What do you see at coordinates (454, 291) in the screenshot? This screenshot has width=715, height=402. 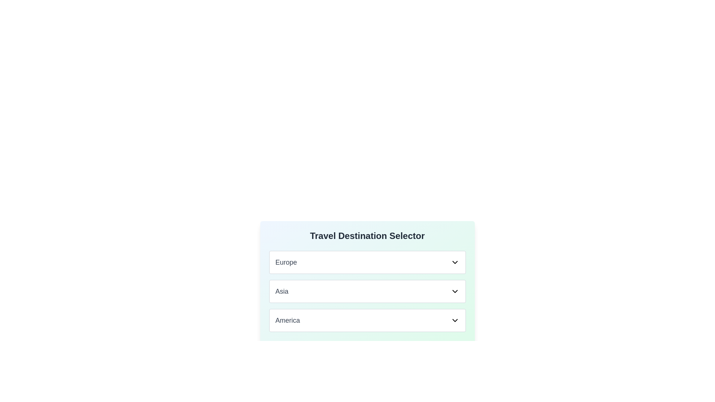 I see `the Dropdown indicator icon, shaped as a downward chevron, located to the right of 'Asia' in the 'Travel Destination Selector' interface using the keyboard` at bounding box center [454, 291].